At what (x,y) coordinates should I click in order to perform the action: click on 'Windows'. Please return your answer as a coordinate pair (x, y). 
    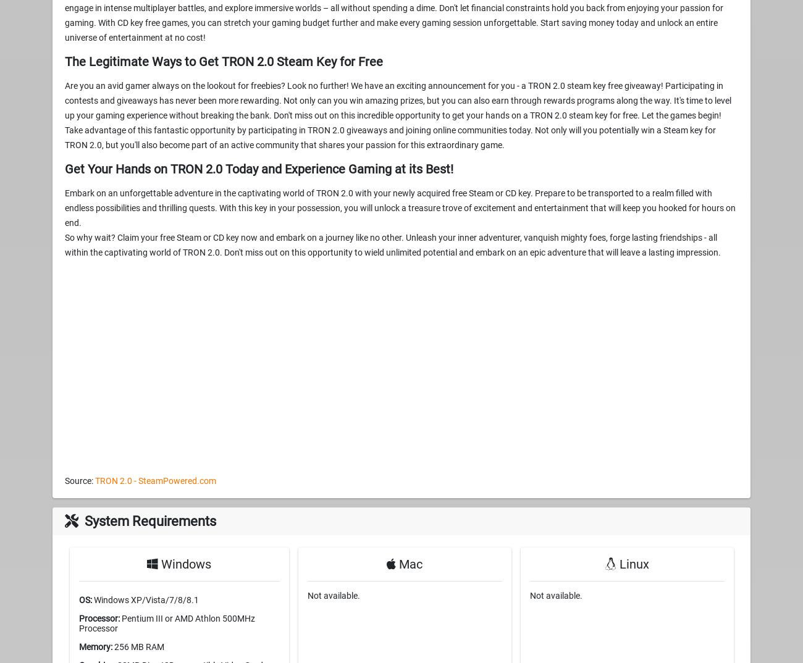
    Looking at the image, I should click on (185, 563).